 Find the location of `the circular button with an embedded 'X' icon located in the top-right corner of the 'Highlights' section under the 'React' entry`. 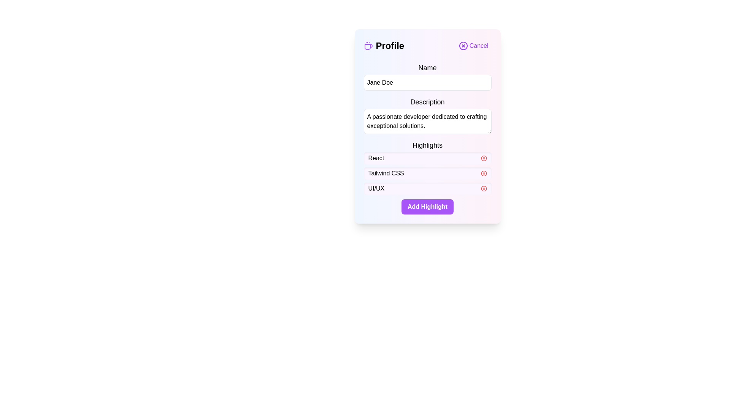

the circular button with an embedded 'X' icon located in the top-right corner of the 'Highlights' section under the 'React' entry is located at coordinates (483, 158).